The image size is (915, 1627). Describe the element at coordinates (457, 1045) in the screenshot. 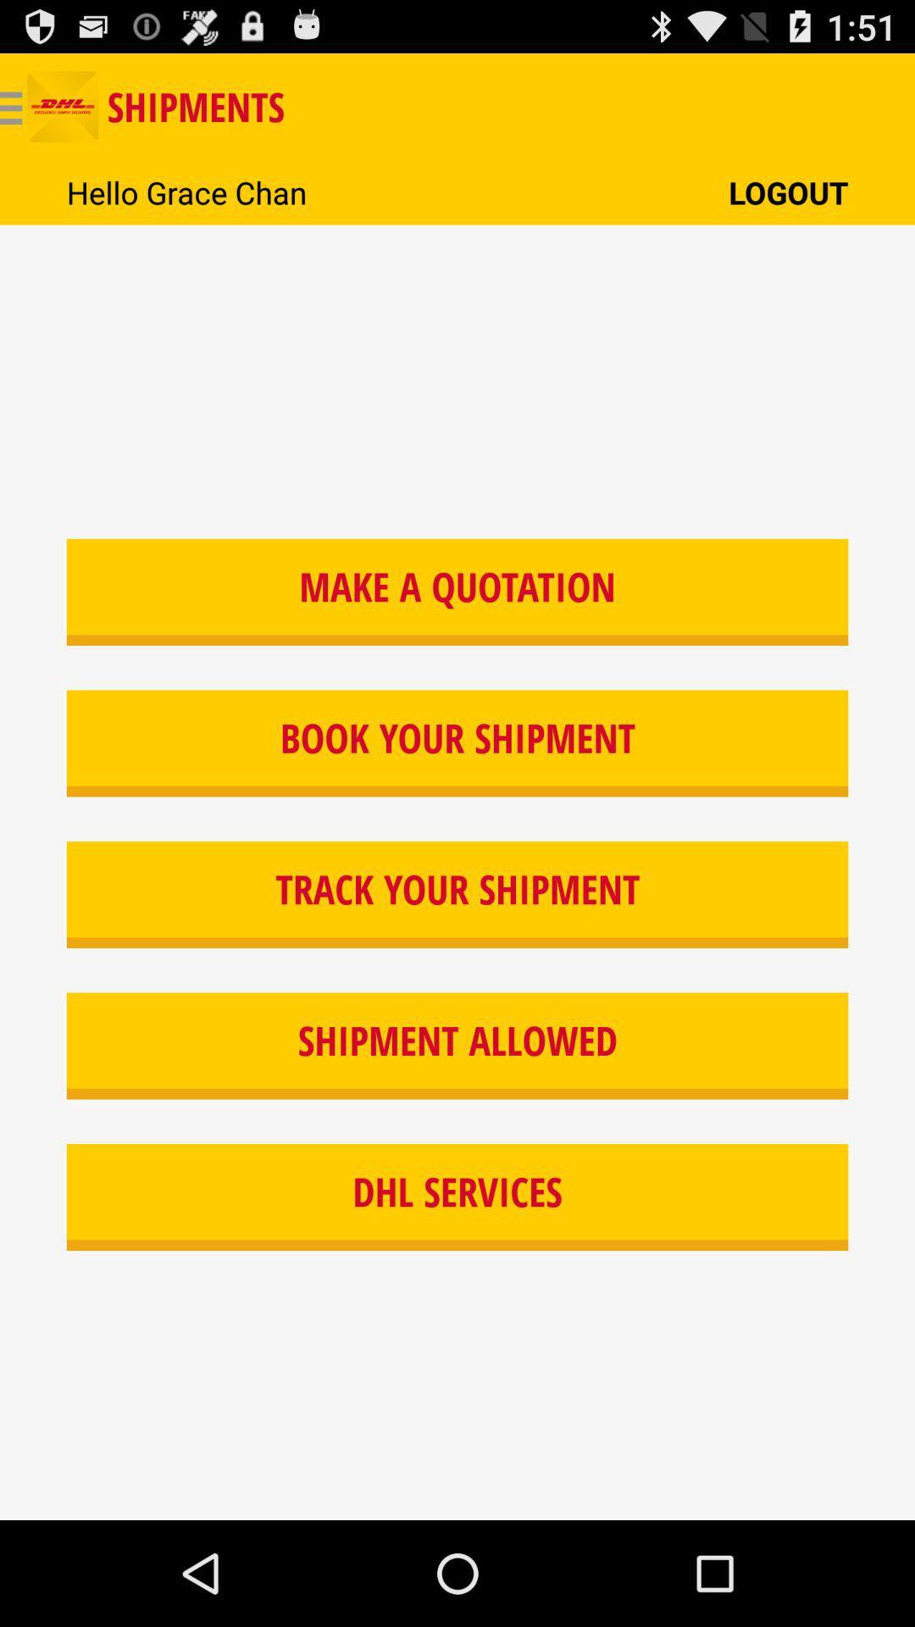

I see `shipment allowed` at that location.